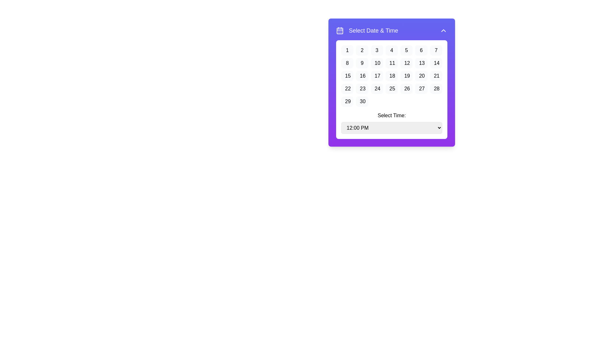  I want to click on the button that selects the date '12' in the calendar interface, so click(406, 63).